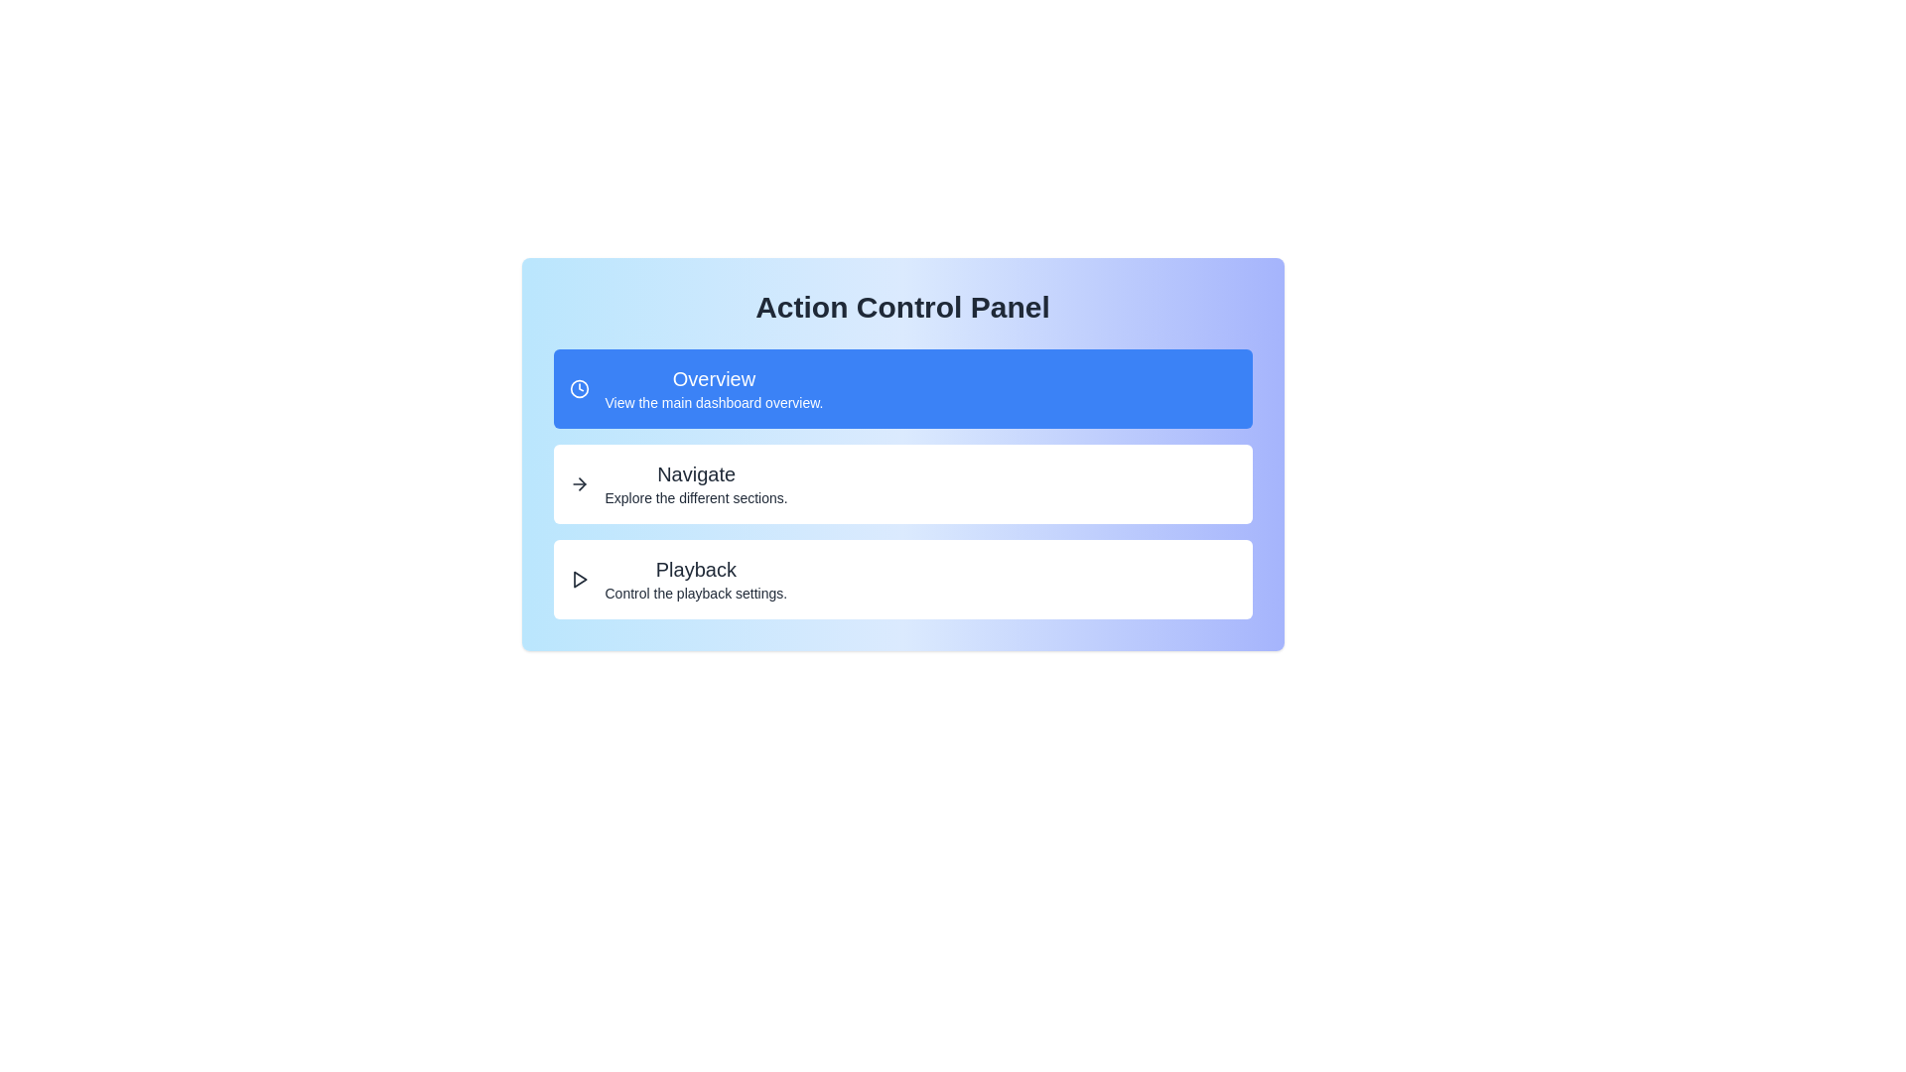 The image size is (1906, 1072). I want to click on the static text titled 'Overview' which serves as the title for the first option in the 'Action Control Panel', so click(714, 378).